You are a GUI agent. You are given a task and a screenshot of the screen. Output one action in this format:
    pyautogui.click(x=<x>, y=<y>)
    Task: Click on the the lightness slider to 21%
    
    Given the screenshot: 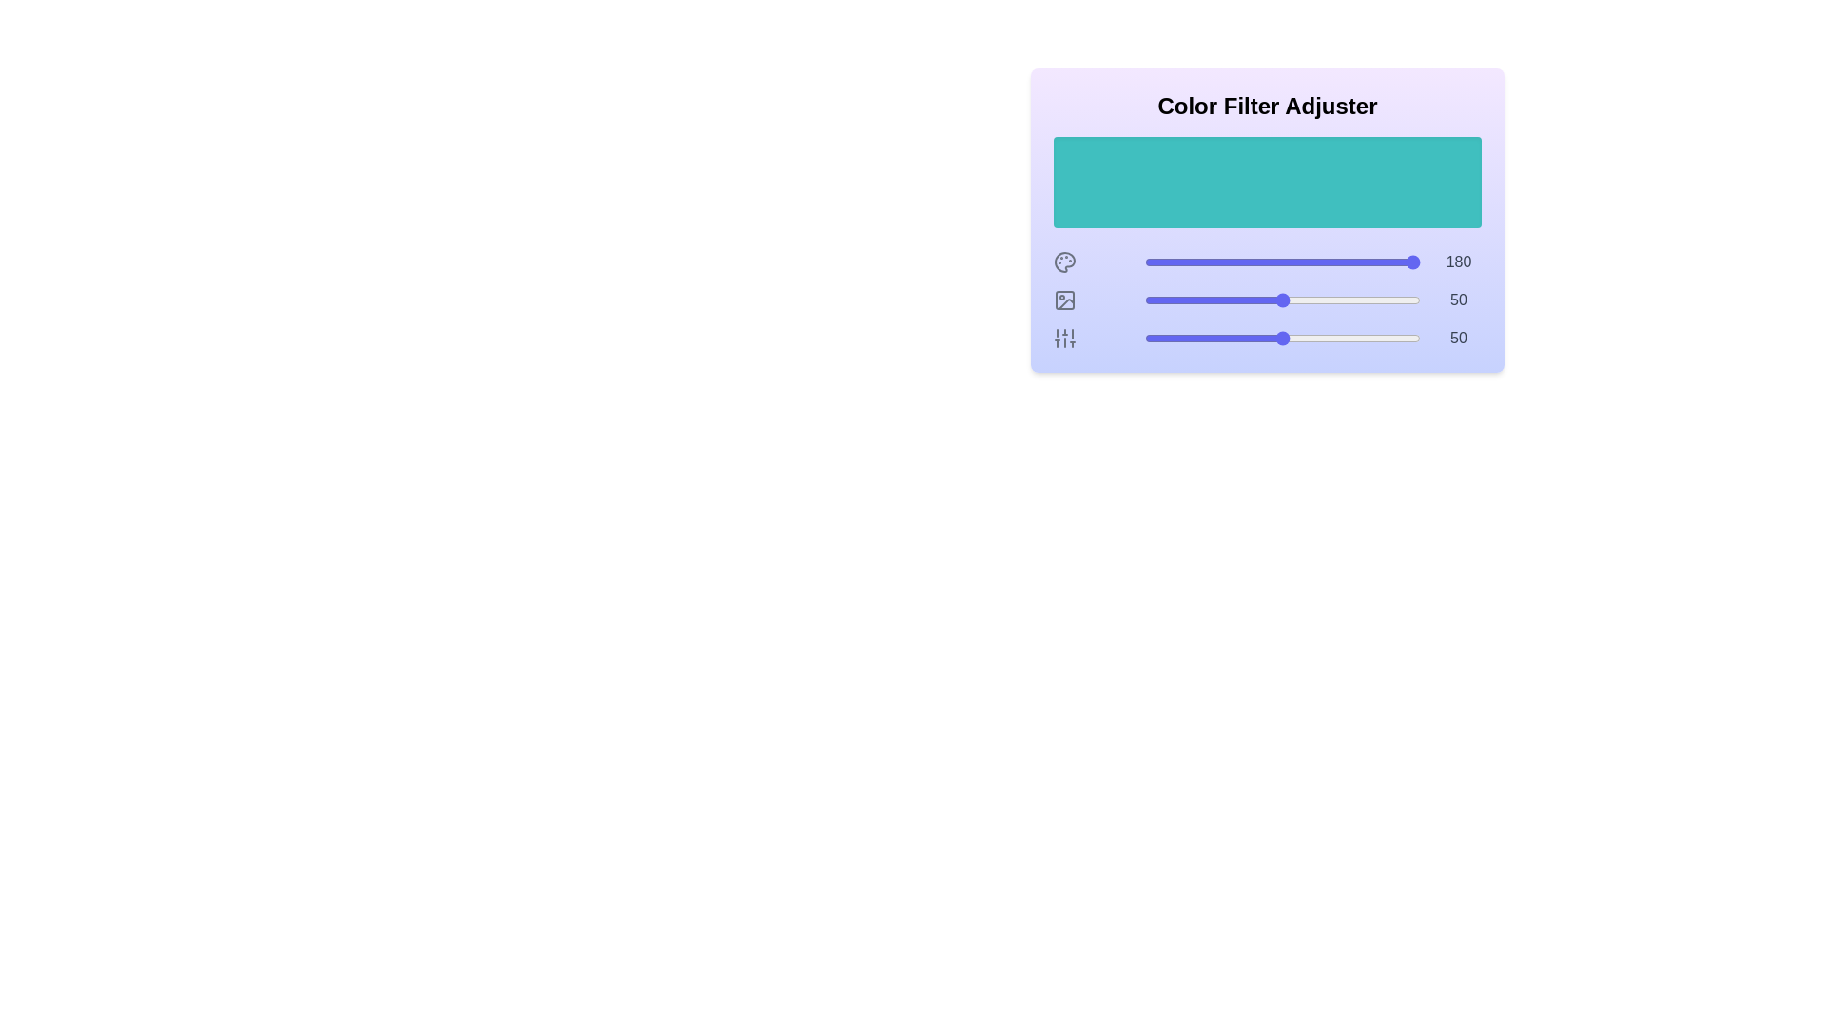 What is the action you would take?
    pyautogui.click(x=1201, y=300)
    